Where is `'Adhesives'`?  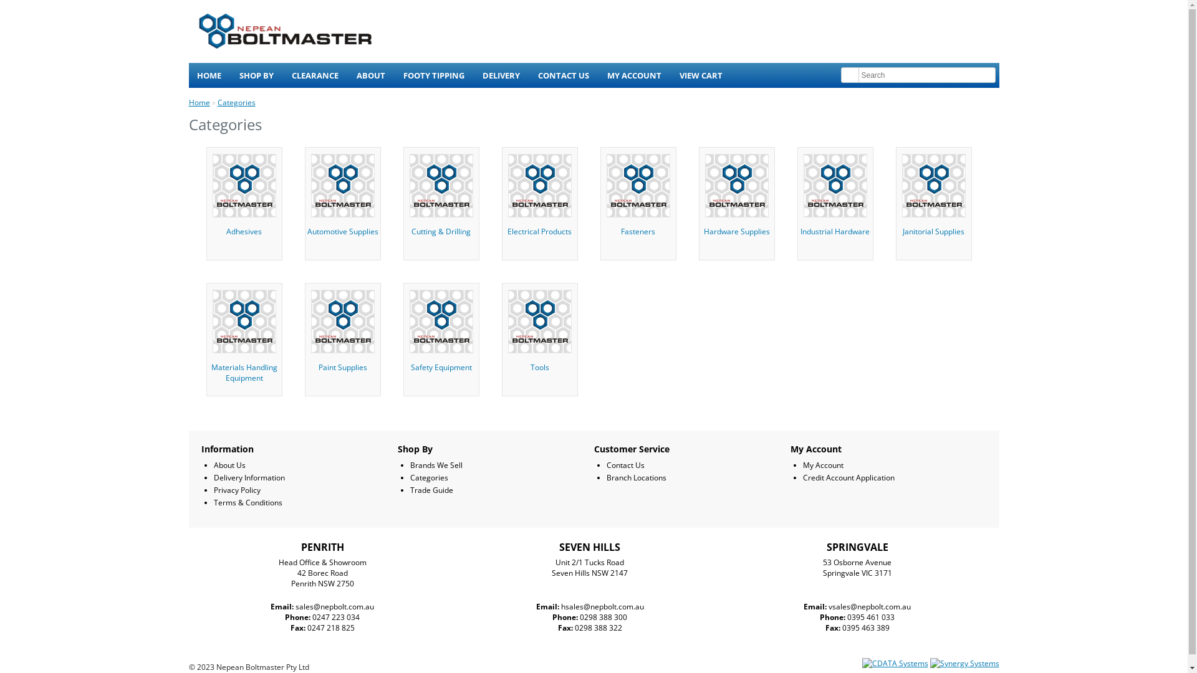
'Adhesives' is located at coordinates (244, 199).